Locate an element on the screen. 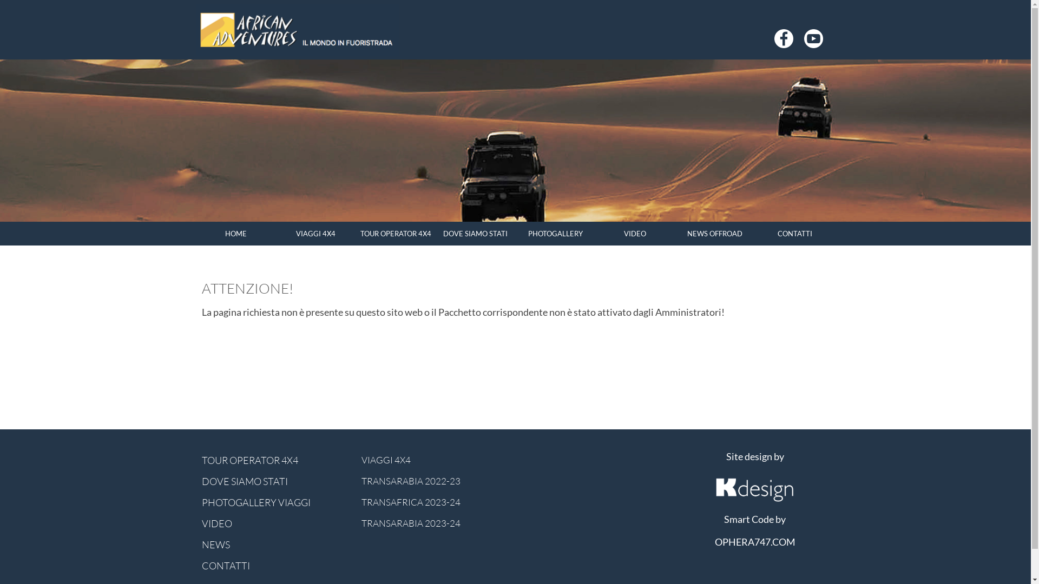  'CONTATTI' is located at coordinates (275, 565).